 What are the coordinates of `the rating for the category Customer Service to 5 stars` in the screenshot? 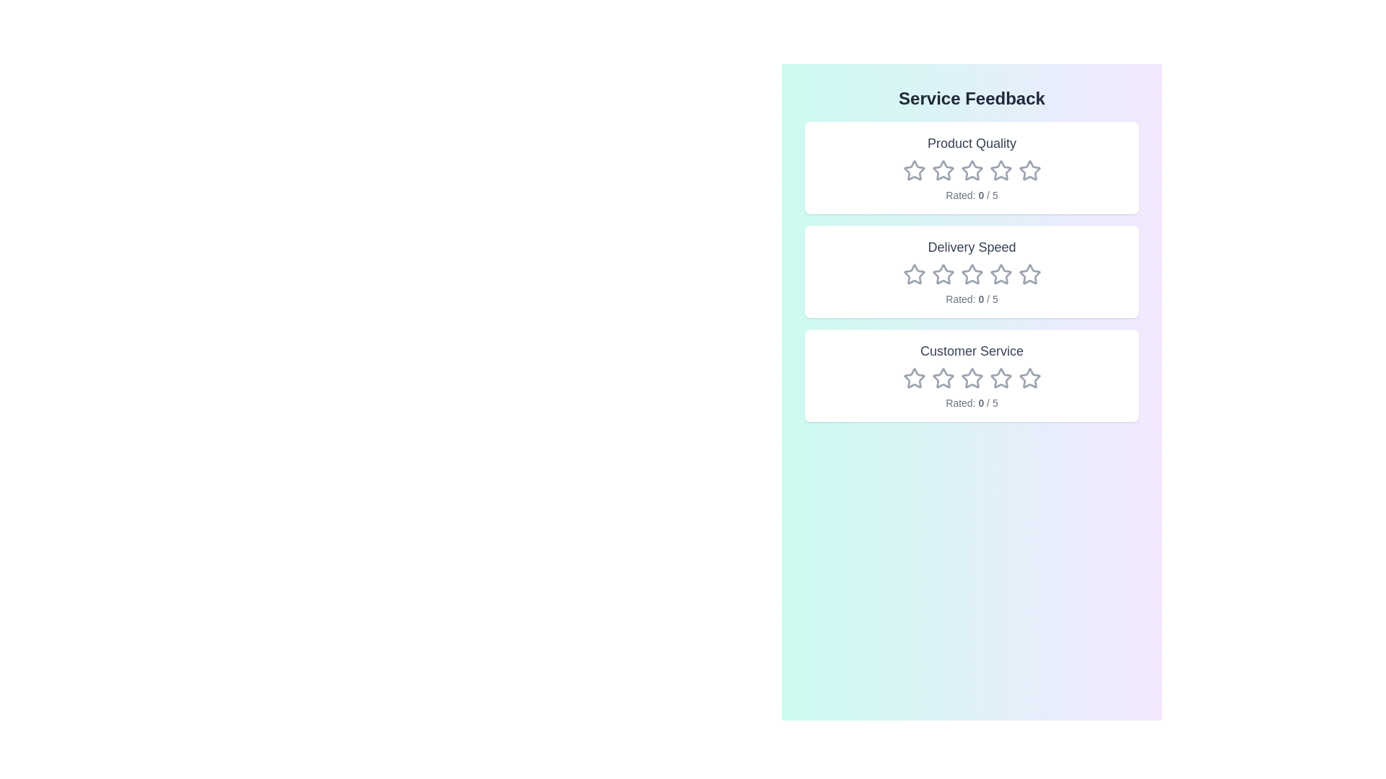 It's located at (1029, 377).